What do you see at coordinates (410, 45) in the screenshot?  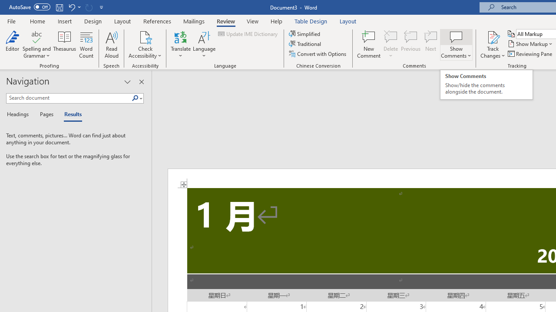 I see `'Previous'` at bounding box center [410, 45].